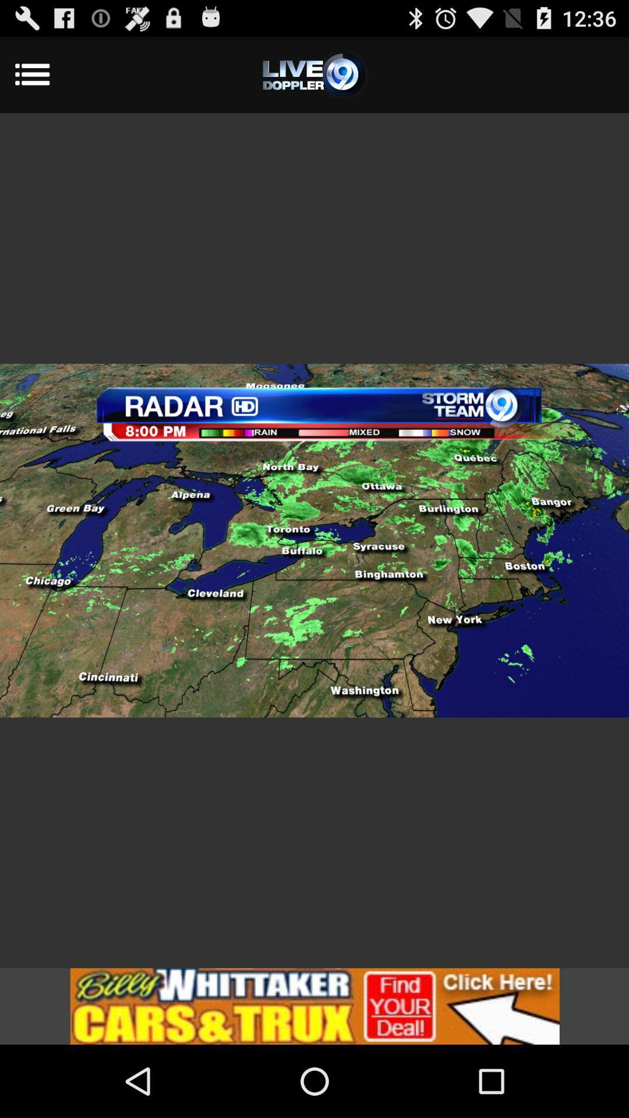 The height and width of the screenshot is (1118, 629). What do you see at coordinates (314, 540) in the screenshot?
I see `interact with live weather map` at bounding box center [314, 540].